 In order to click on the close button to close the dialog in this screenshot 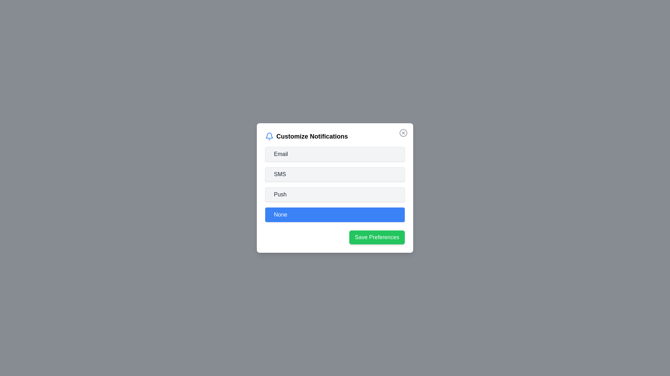, I will do `click(403, 133)`.